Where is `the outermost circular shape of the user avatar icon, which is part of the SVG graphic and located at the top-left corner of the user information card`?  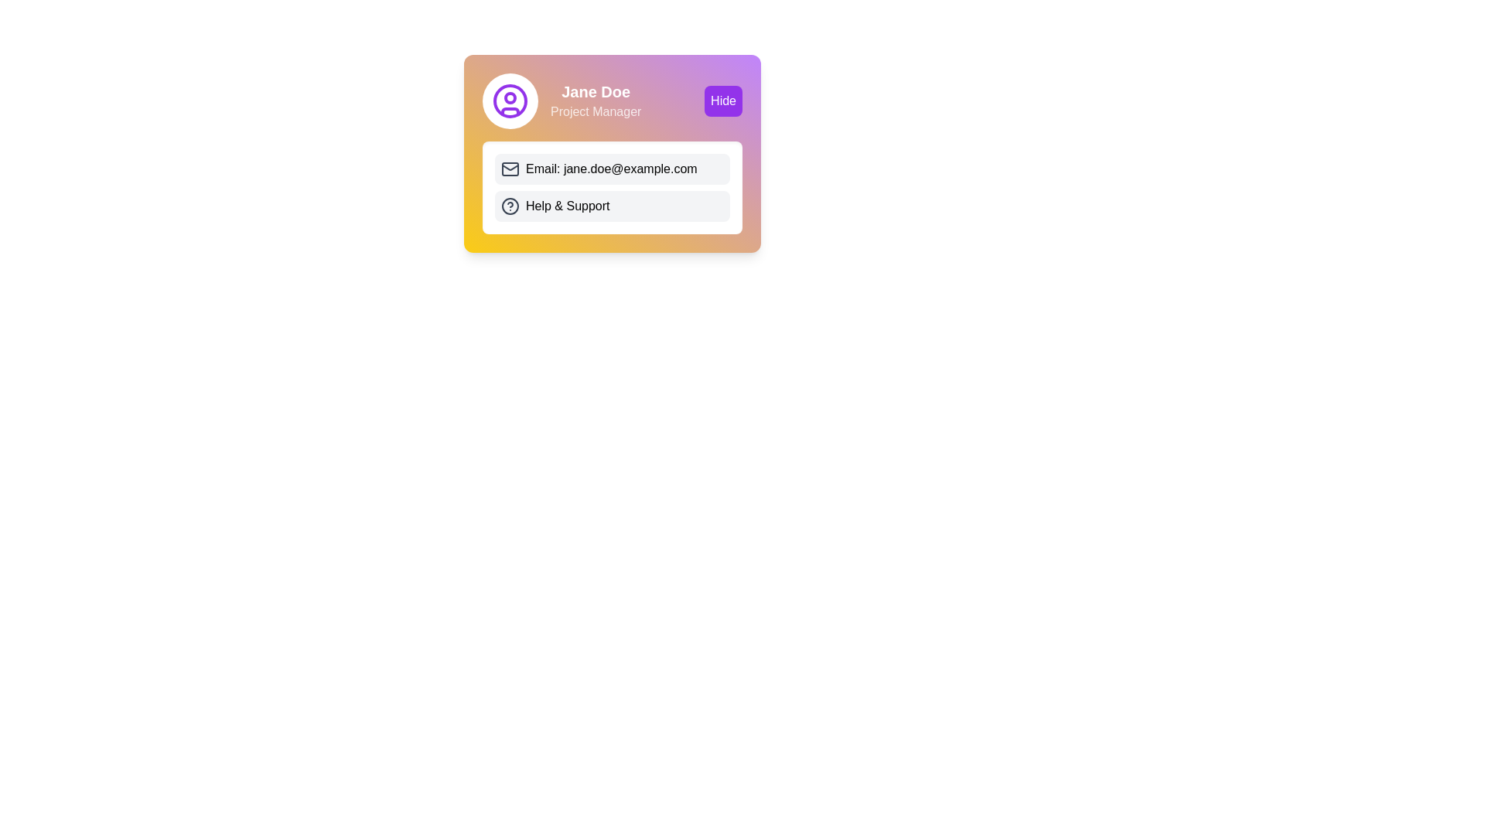
the outermost circular shape of the user avatar icon, which is part of the SVG graphic and located at the top-left corner of the user information card is located at coordinates (510, 101).